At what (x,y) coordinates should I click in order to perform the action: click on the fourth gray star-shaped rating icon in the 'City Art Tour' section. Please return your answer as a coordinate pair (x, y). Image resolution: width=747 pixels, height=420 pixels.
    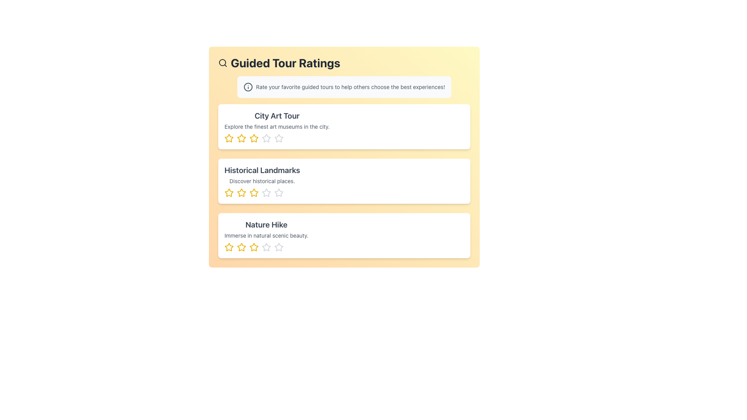
    Looking at the image, I should click on (267, 138).